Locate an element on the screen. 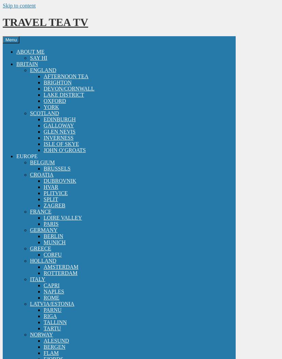 The image size is (282, 359). 'NAPLES' is located at coordinates (53, 291).